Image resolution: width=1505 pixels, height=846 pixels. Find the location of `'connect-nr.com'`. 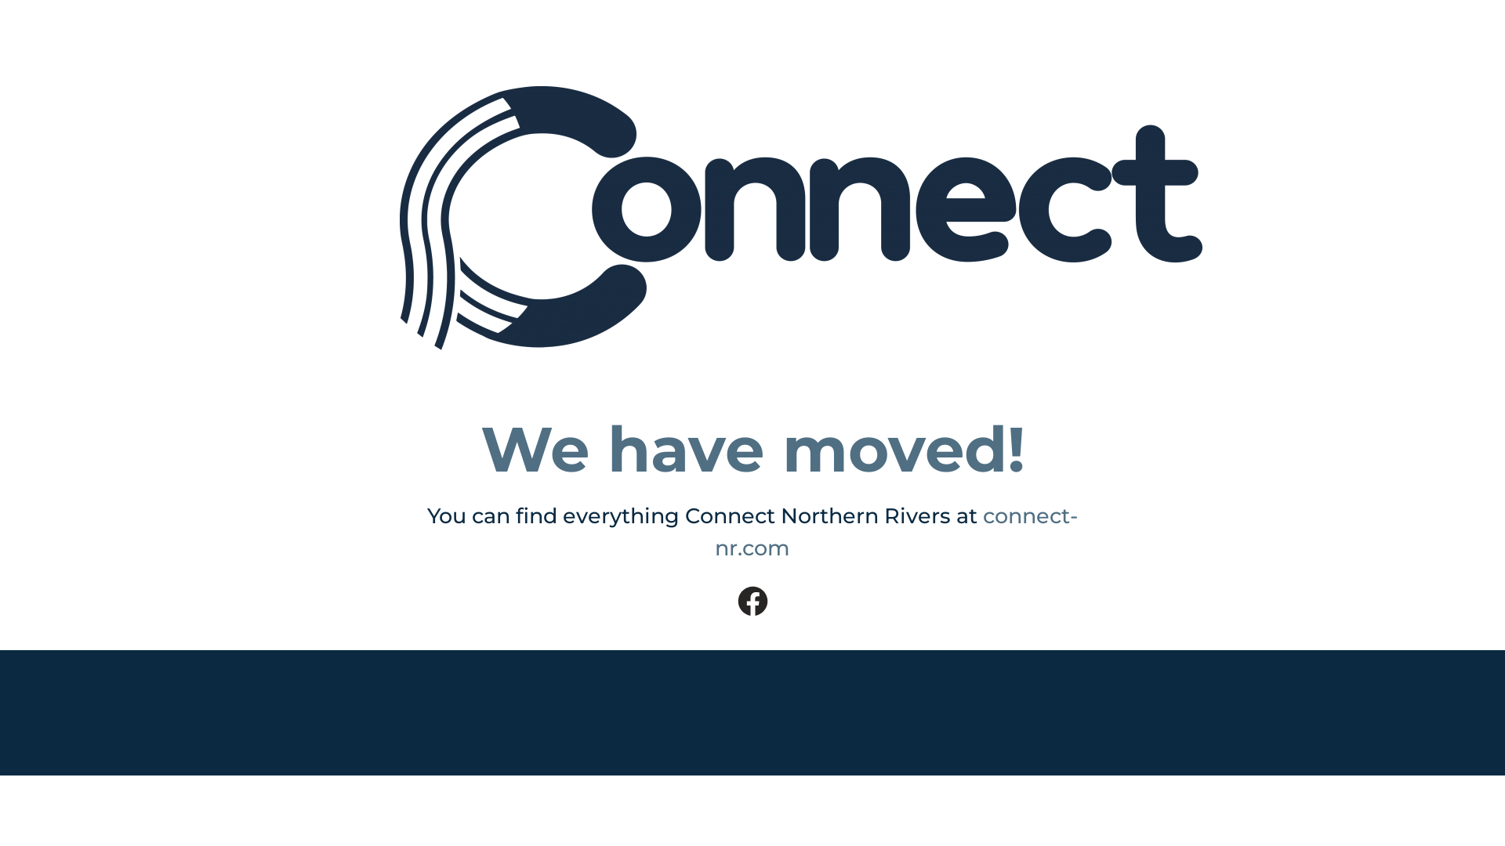

'connect-nr.com' is located at coordinates (896, 530).